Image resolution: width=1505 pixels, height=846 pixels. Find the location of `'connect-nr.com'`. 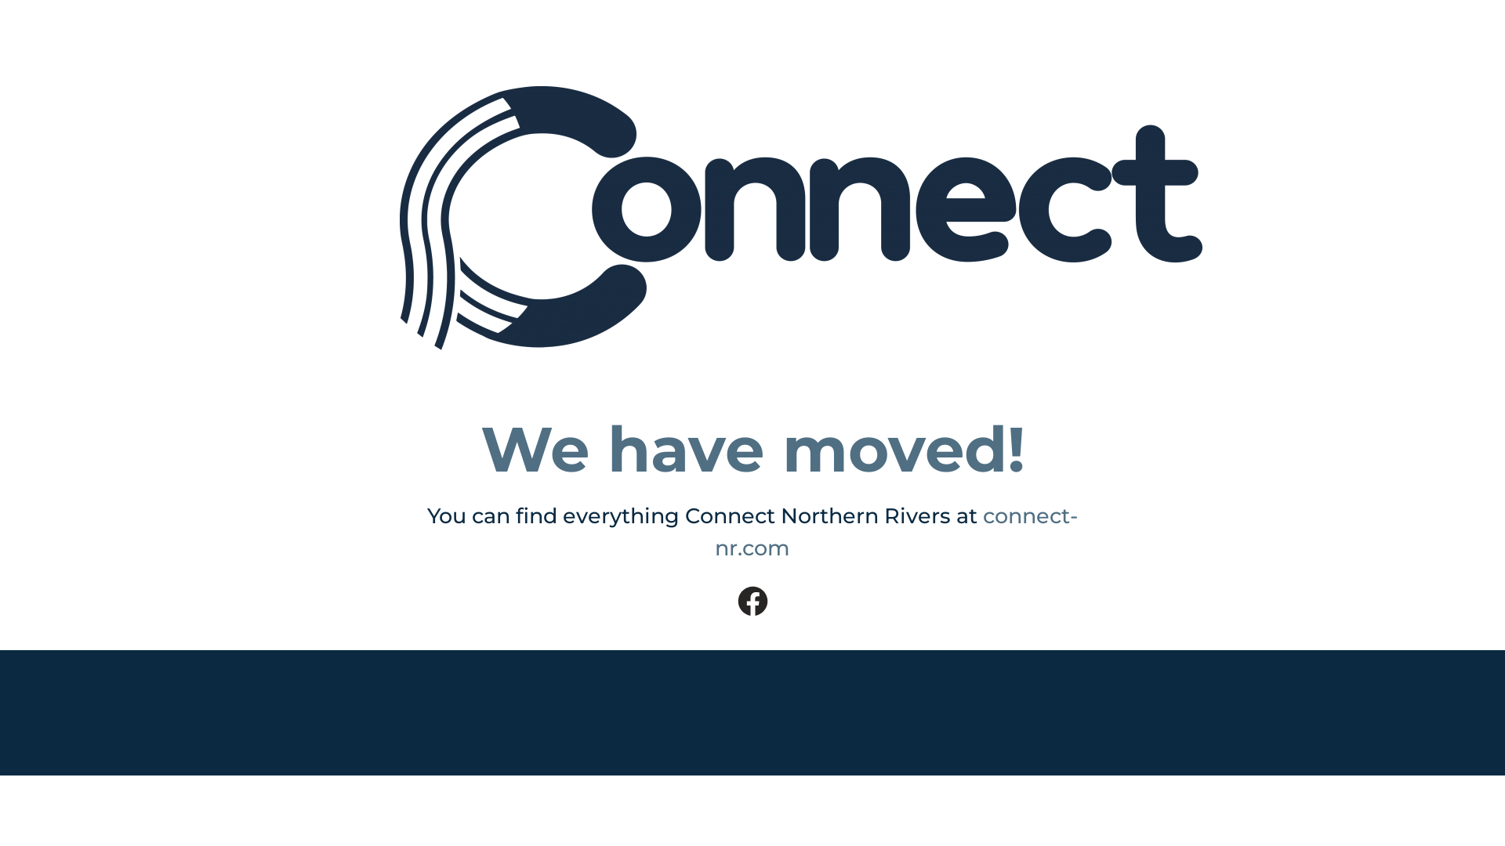

'connect-nr.com' is located at coordinates (896, 530).